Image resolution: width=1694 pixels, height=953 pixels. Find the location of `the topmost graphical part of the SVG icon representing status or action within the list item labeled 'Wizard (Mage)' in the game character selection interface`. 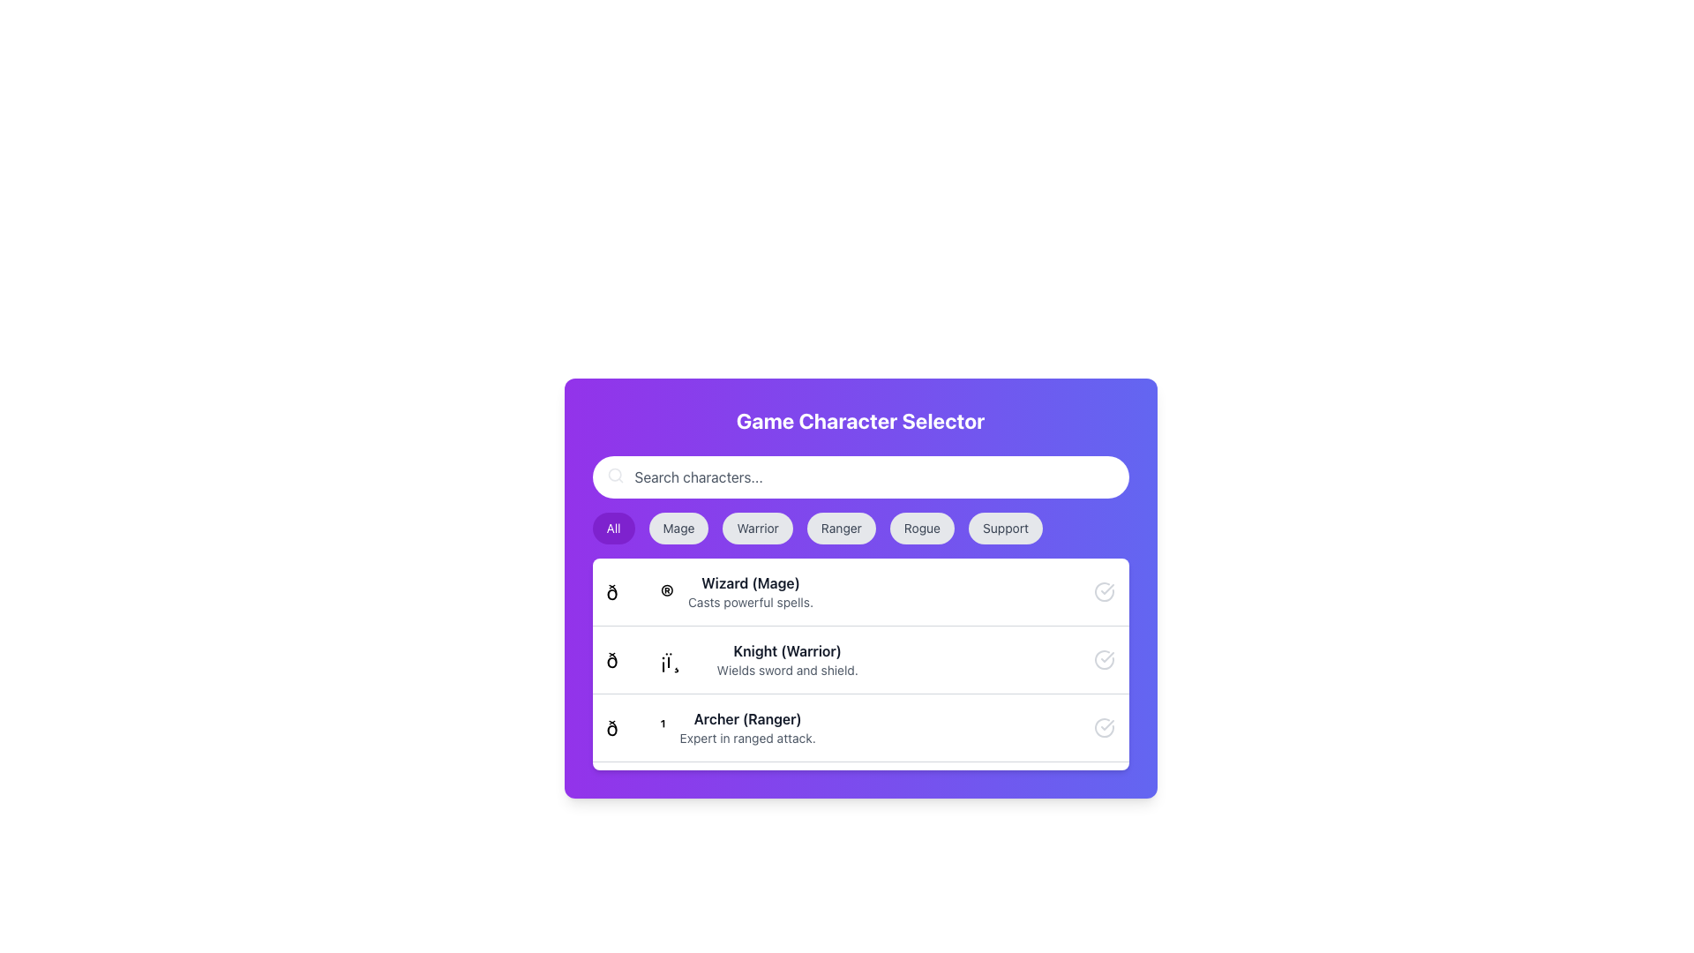

the topmost graphical part of the SVG icon representing status or action within the list item labeled 'Wizard (Mage)' in the game character selection interface is located at coordinates (1103, 592).